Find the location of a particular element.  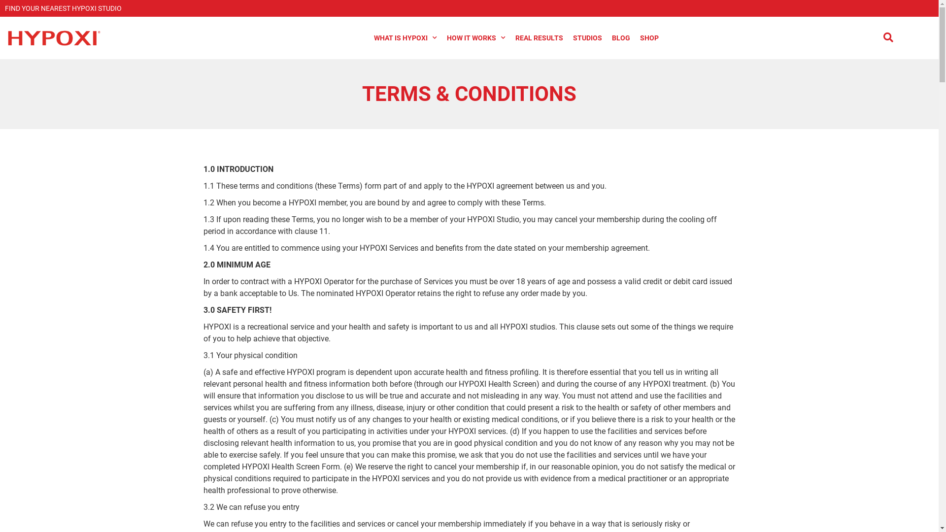

'Hypoxi Logo New' is located at coordinates (54, 37).